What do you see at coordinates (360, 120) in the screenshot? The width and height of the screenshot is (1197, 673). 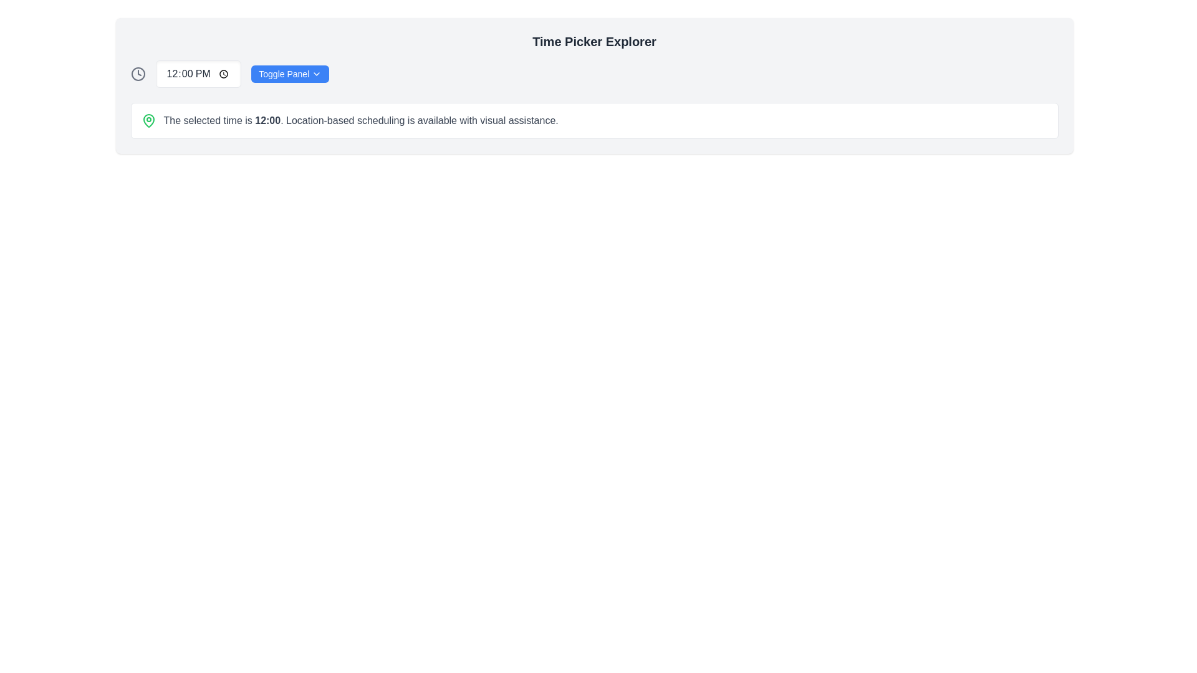 I see `informational text block located below the 'Time Picker Explorer' header, positioned to the right of a green map-pin icon` at bounding box center [360, 120].